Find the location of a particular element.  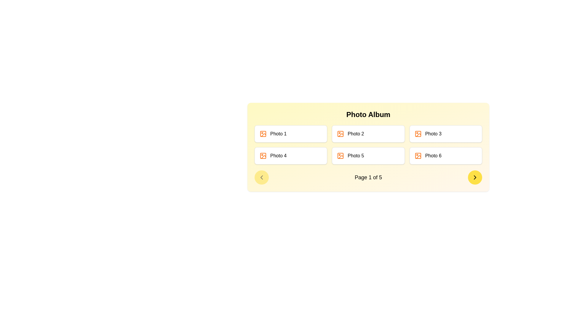

the chevron icon located inside the circular button in the bottom-right corner of the interface is located at coordinates (475, 177).